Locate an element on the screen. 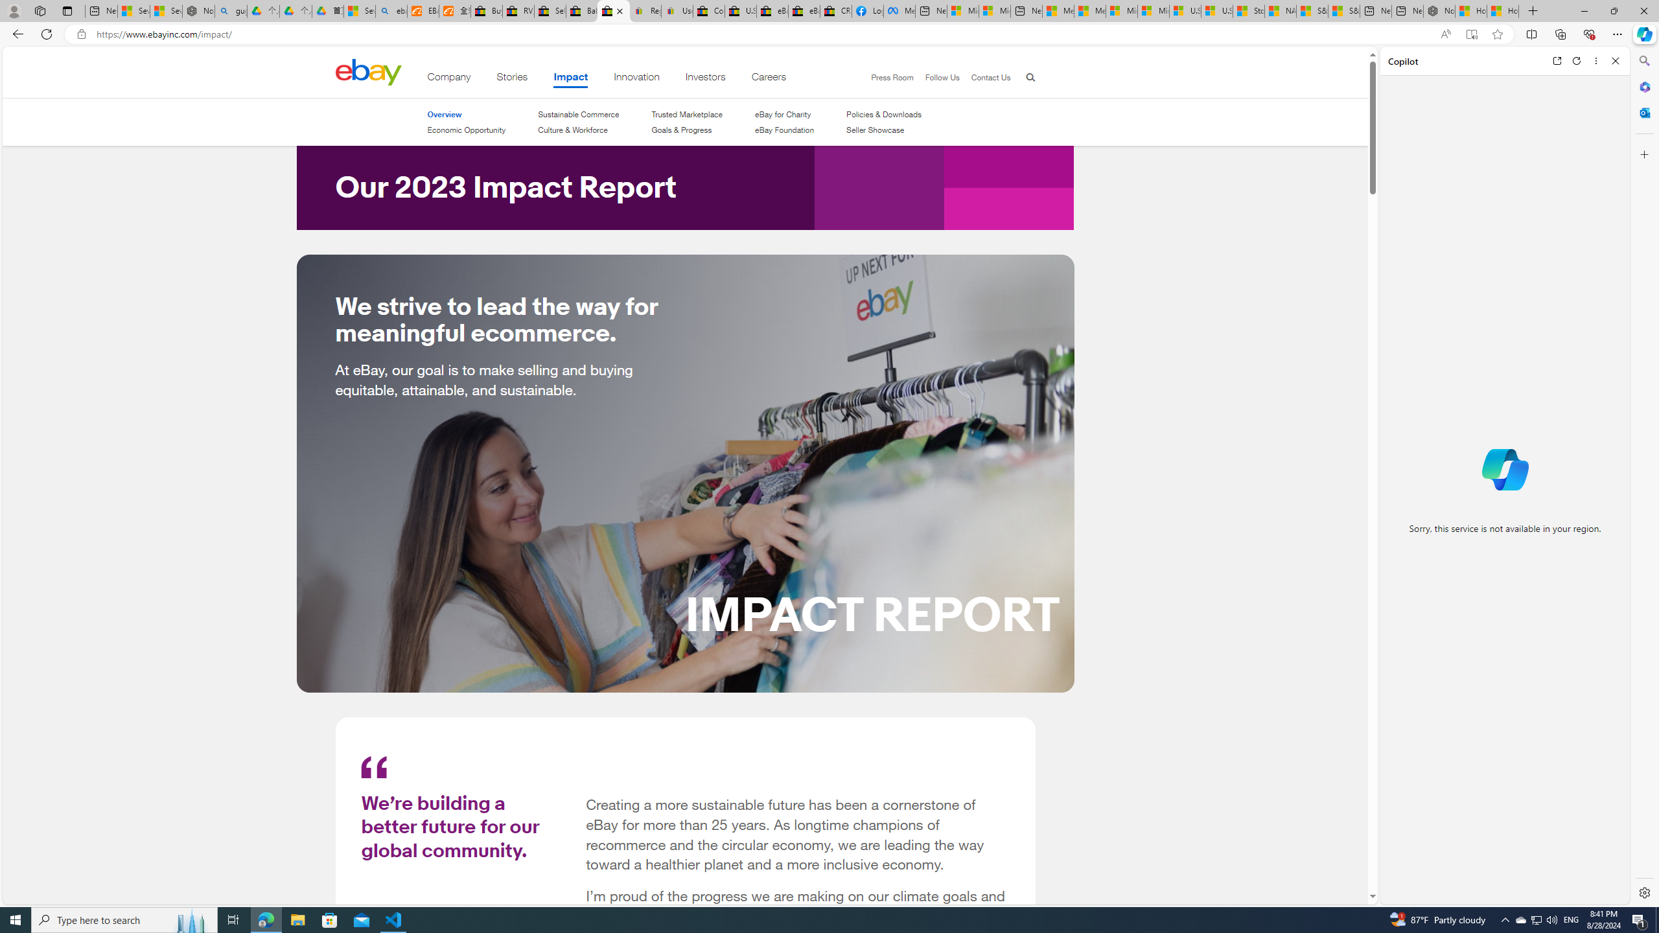 The height and width of the screenshot is (933, 1659). 'eBay Inc. Reports Third Quarter 2023 Results' is located at coordinates (804, 10).